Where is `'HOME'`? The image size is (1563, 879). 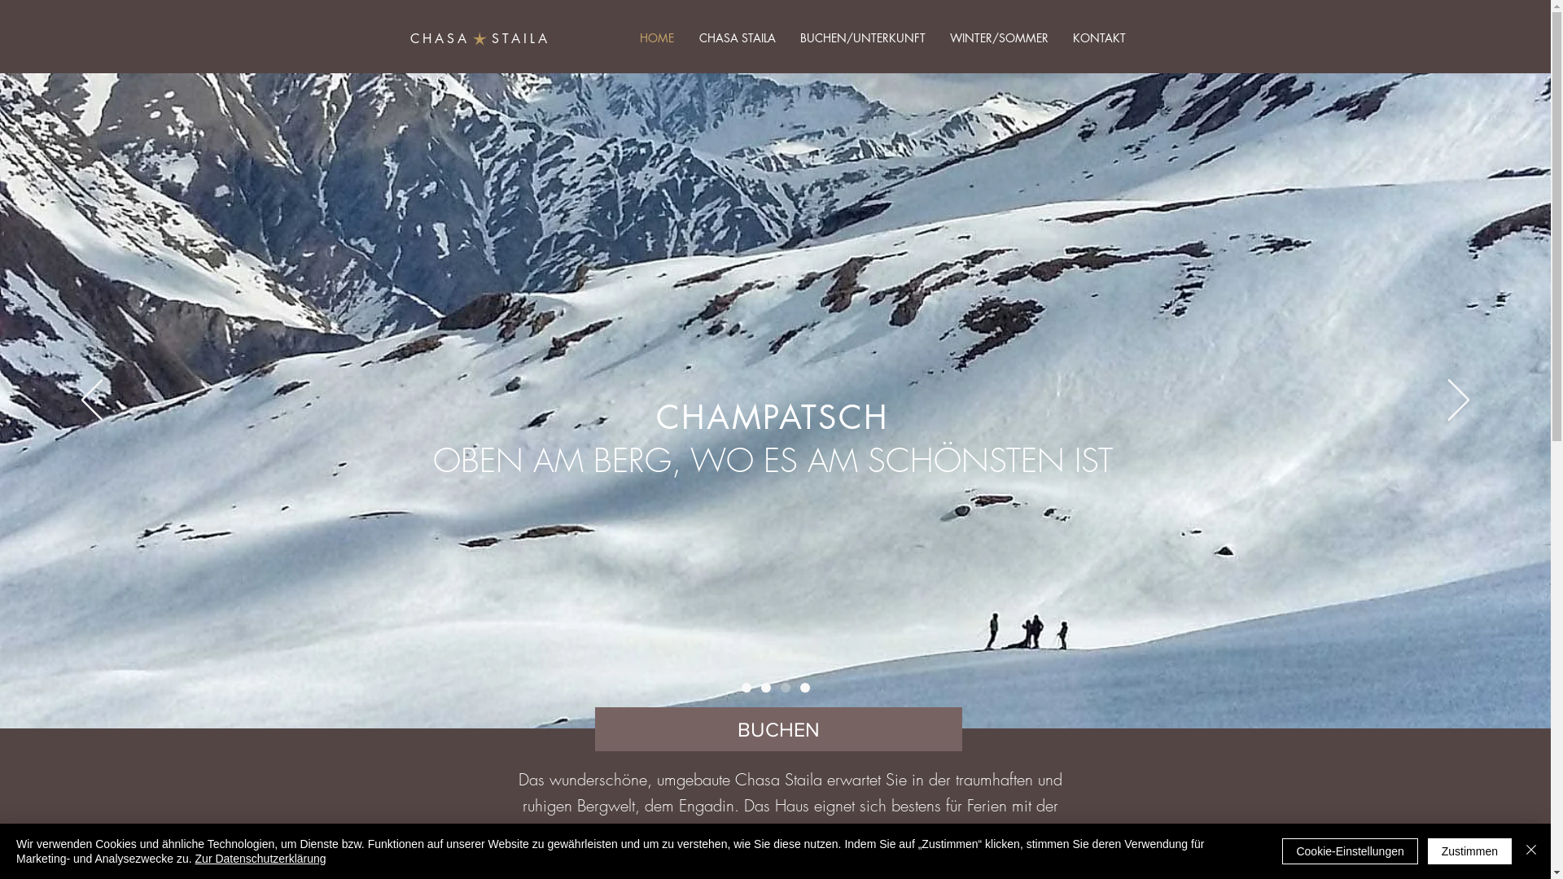 'HOME' is located at coordinates (625, 37).